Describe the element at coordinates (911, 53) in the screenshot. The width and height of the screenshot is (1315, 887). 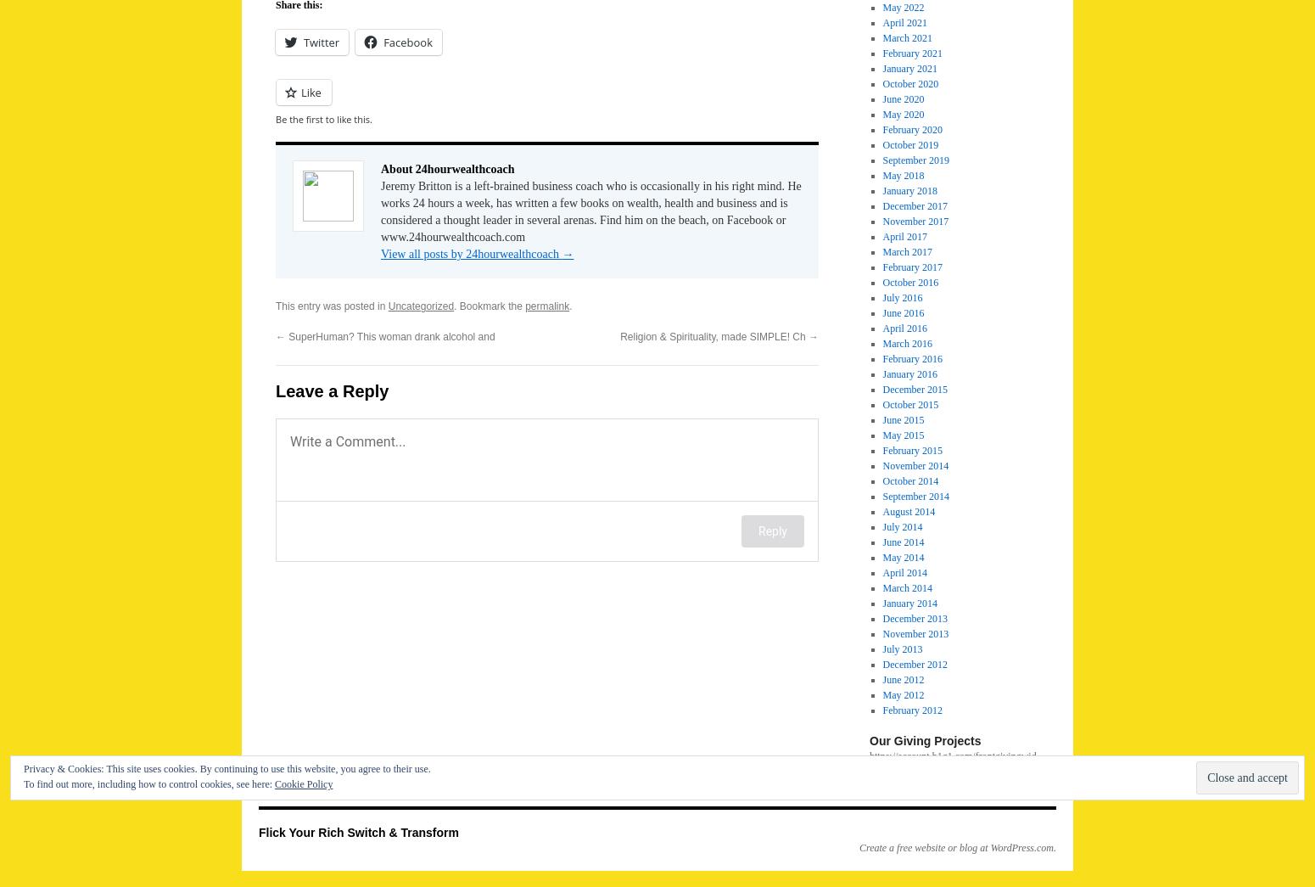
I see `'February 2021'` at that location.